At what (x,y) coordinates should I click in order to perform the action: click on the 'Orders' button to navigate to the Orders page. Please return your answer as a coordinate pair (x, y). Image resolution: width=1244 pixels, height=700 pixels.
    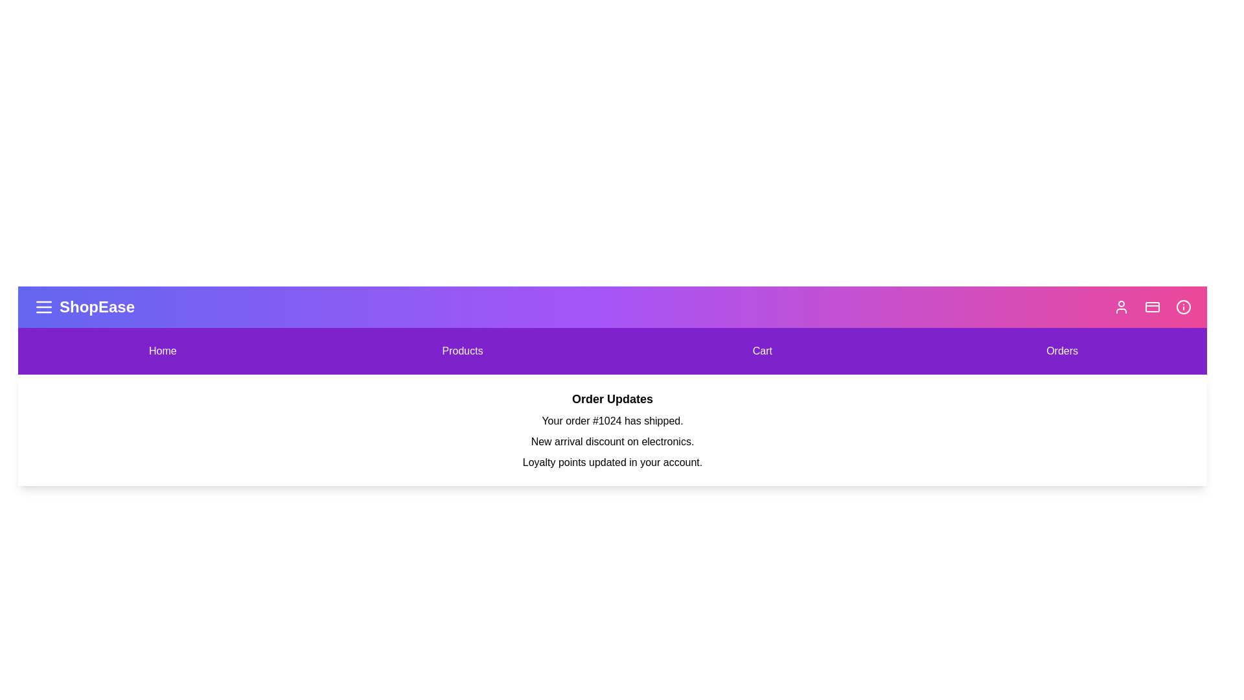
    Looking at the image, I should click on (1061, 351).